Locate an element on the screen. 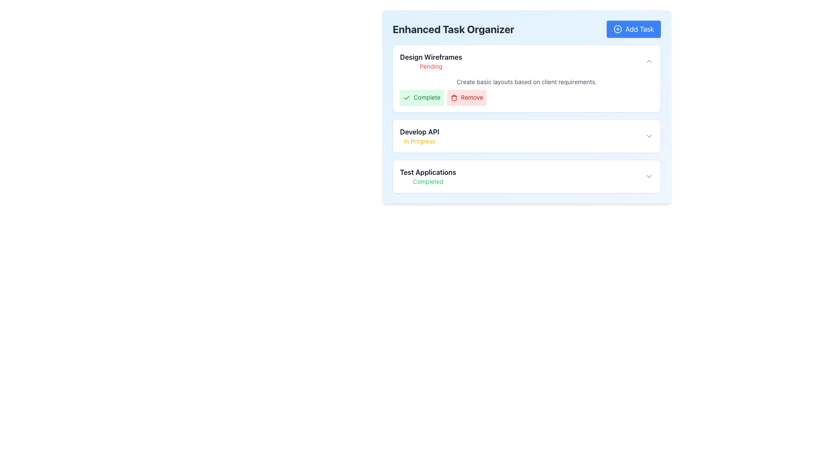 This screenshot has height=464, width=825. the status indicator text label is located at coordinates (428, 181).